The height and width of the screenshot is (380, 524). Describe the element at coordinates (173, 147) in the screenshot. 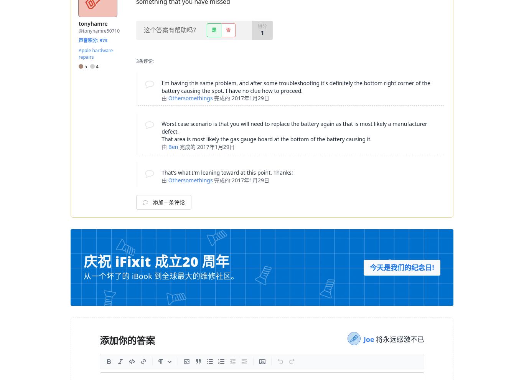

I see `'Ben'` at that location.